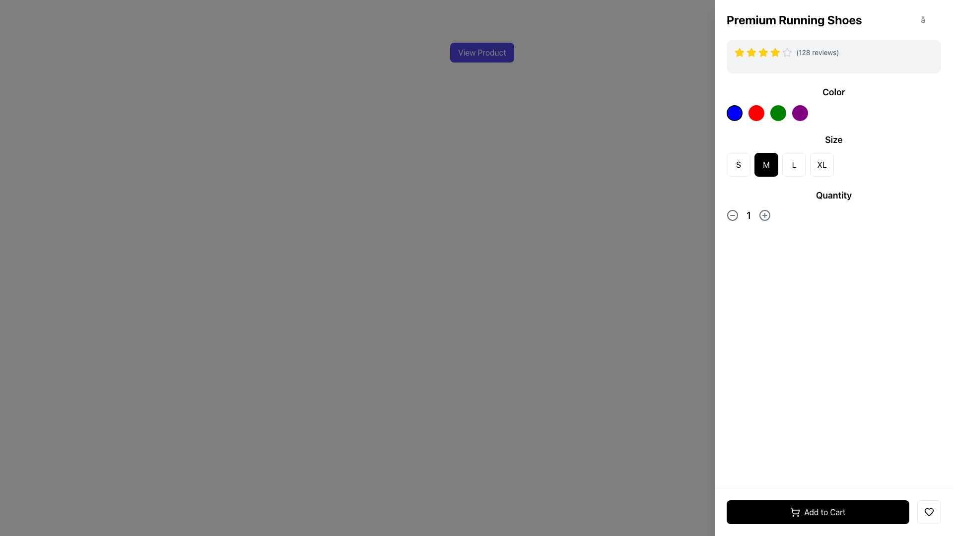 Image resolution: width=953 pixels, height=536 pixels. What do you see at coordinates (739, 52) in the screenshot?
I see `the first star icon in the rating system, which is a yellow star outlined in a matching shade, located in the upper section of the product details area` at bounding box center [739, 52].